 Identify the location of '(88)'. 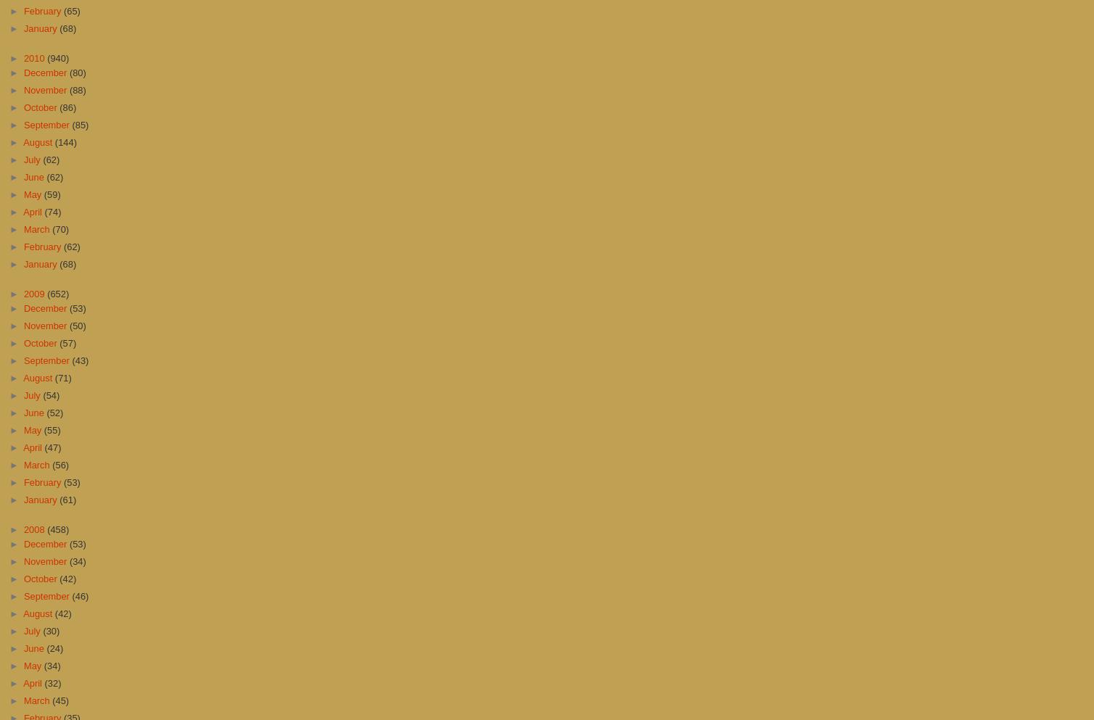
(77, 89).